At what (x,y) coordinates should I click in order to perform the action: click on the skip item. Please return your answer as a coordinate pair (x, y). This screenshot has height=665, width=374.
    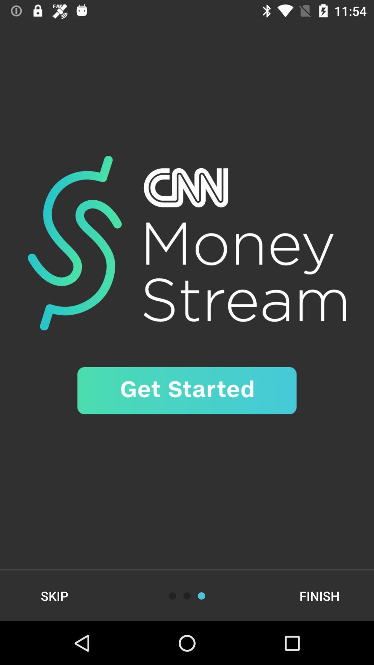
    Looking at the image, I should click on (54, 595).